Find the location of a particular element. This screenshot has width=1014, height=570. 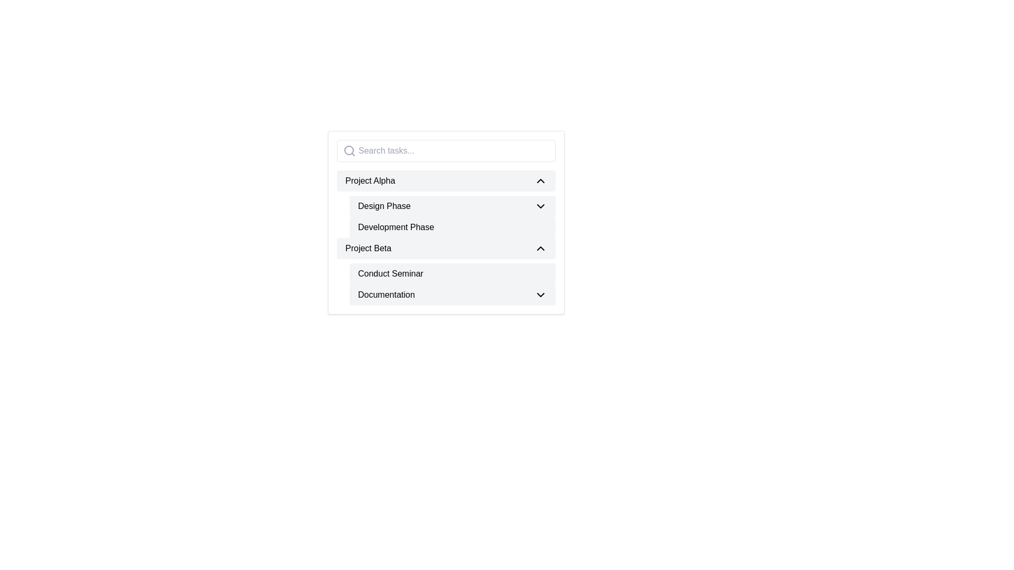

the static text label 'Development Phase' which is the second entry under the 'Design Phase' subsection in the 'Project Alpha' list is located at coordinates (396, 227).